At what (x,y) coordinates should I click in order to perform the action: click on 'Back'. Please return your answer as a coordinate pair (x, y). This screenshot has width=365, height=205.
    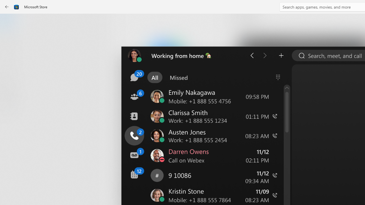
    Looking at the image, I should click on (7, 7).